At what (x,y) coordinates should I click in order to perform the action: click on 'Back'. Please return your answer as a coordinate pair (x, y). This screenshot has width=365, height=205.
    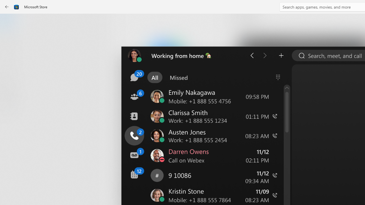
    Looking at the image, I should click on (7, 7).